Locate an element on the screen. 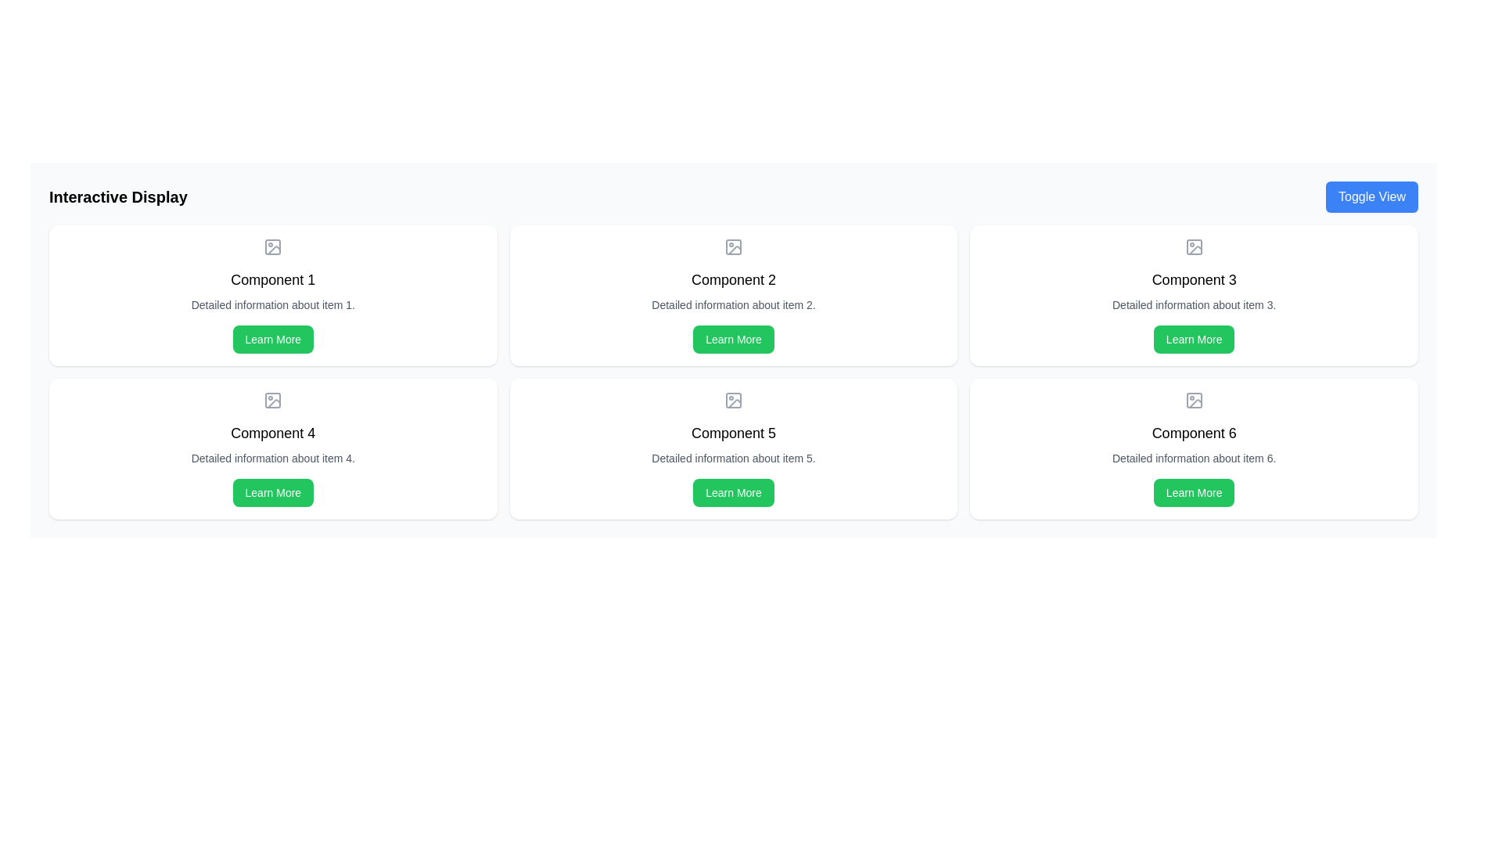  the button located at the bottom-center of the card labeled 'Component 5' is located at coordinates (732, 491).